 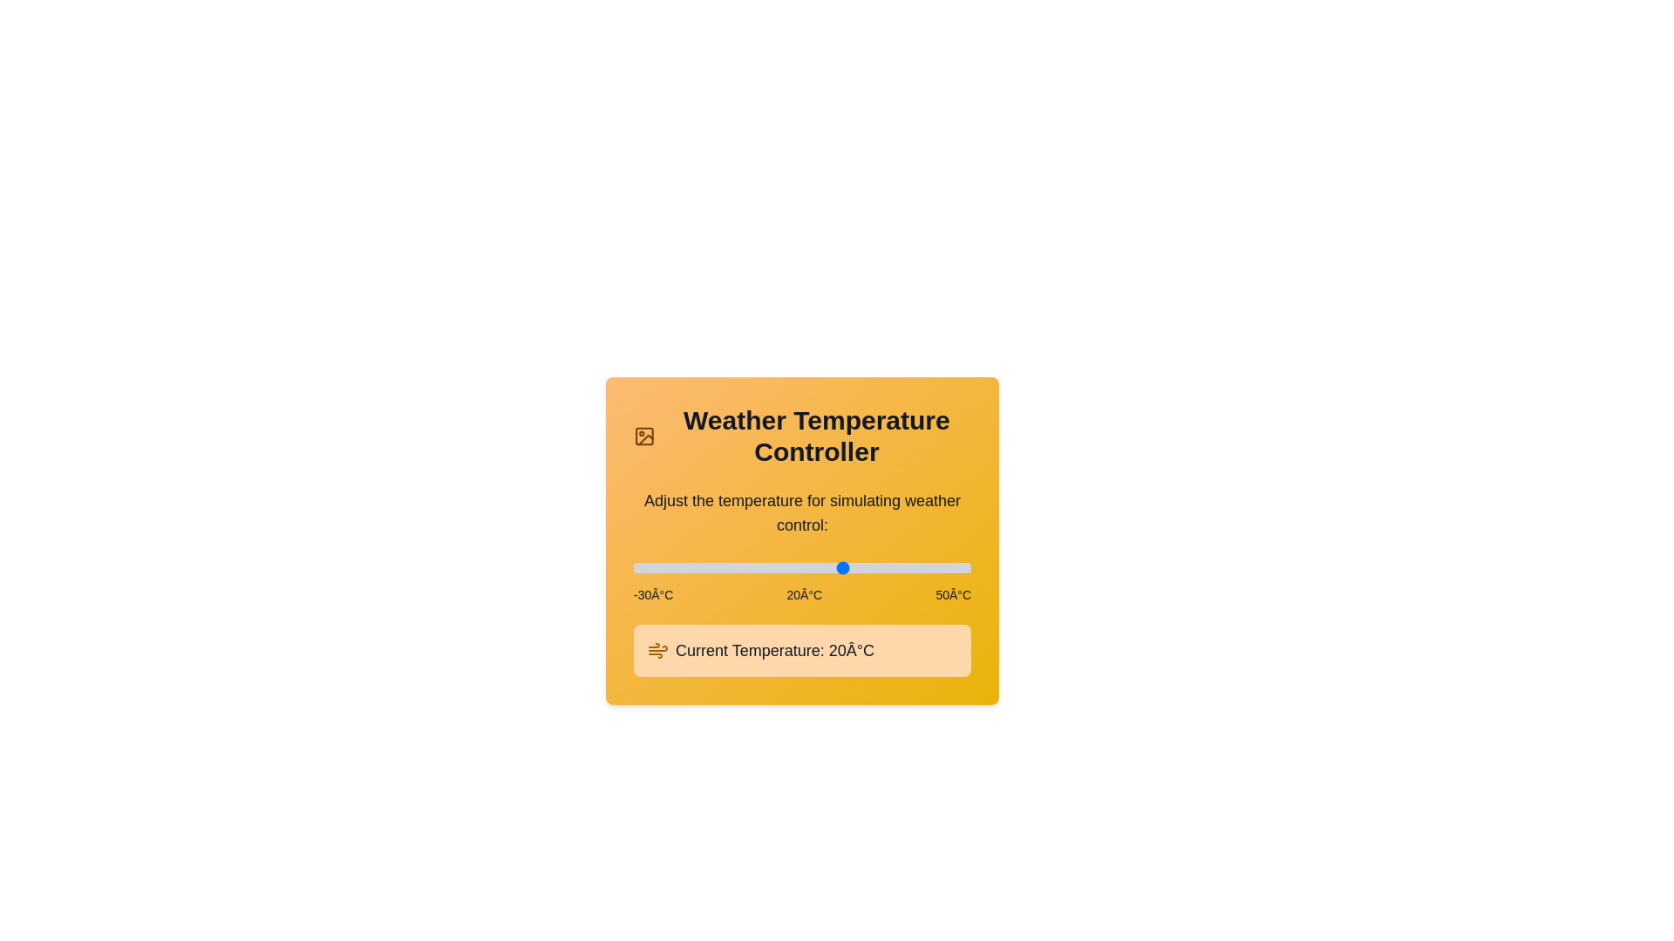 I want to click on the temperature slider to set the temperature to -21°C, so click(x=670, y=567).